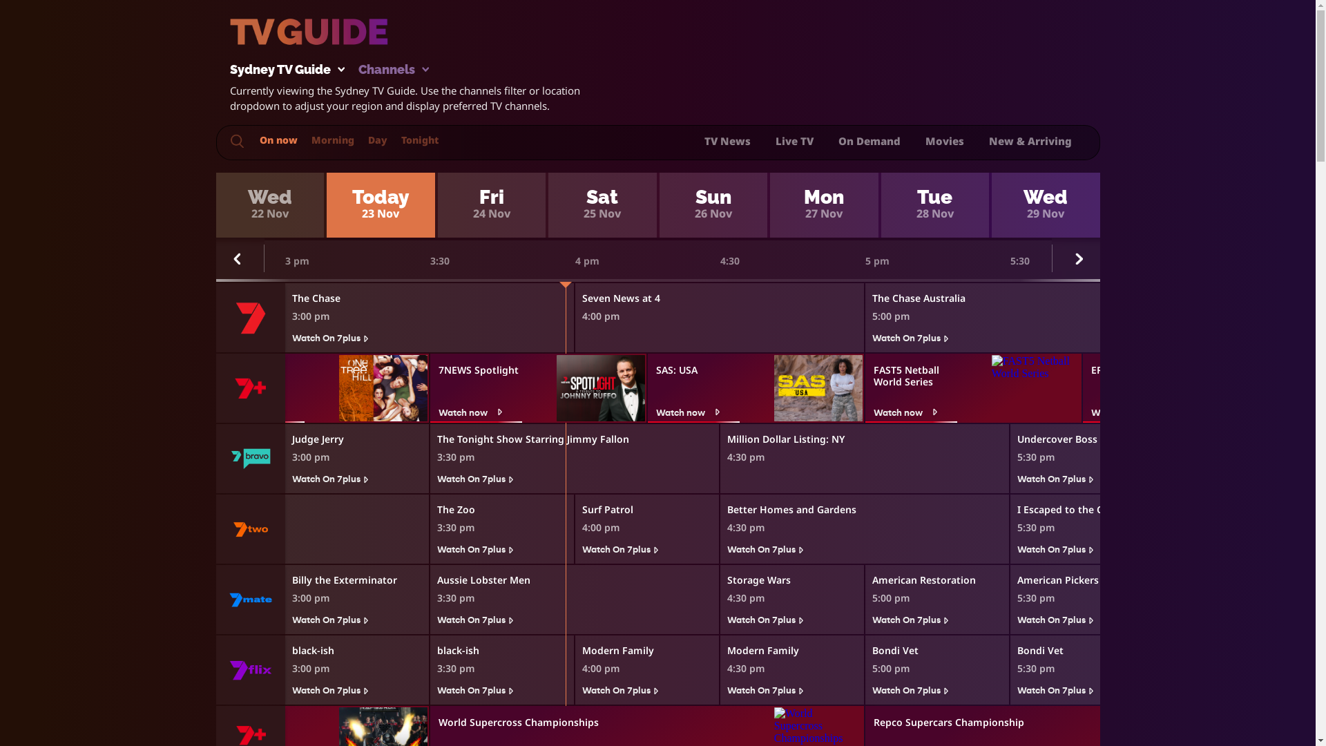 The width and height of the screenshot is (1326, 746). What do you see at coordinates (881, 205) in the screenshot?
I see `'Tue` at bounding box center [881, 205].